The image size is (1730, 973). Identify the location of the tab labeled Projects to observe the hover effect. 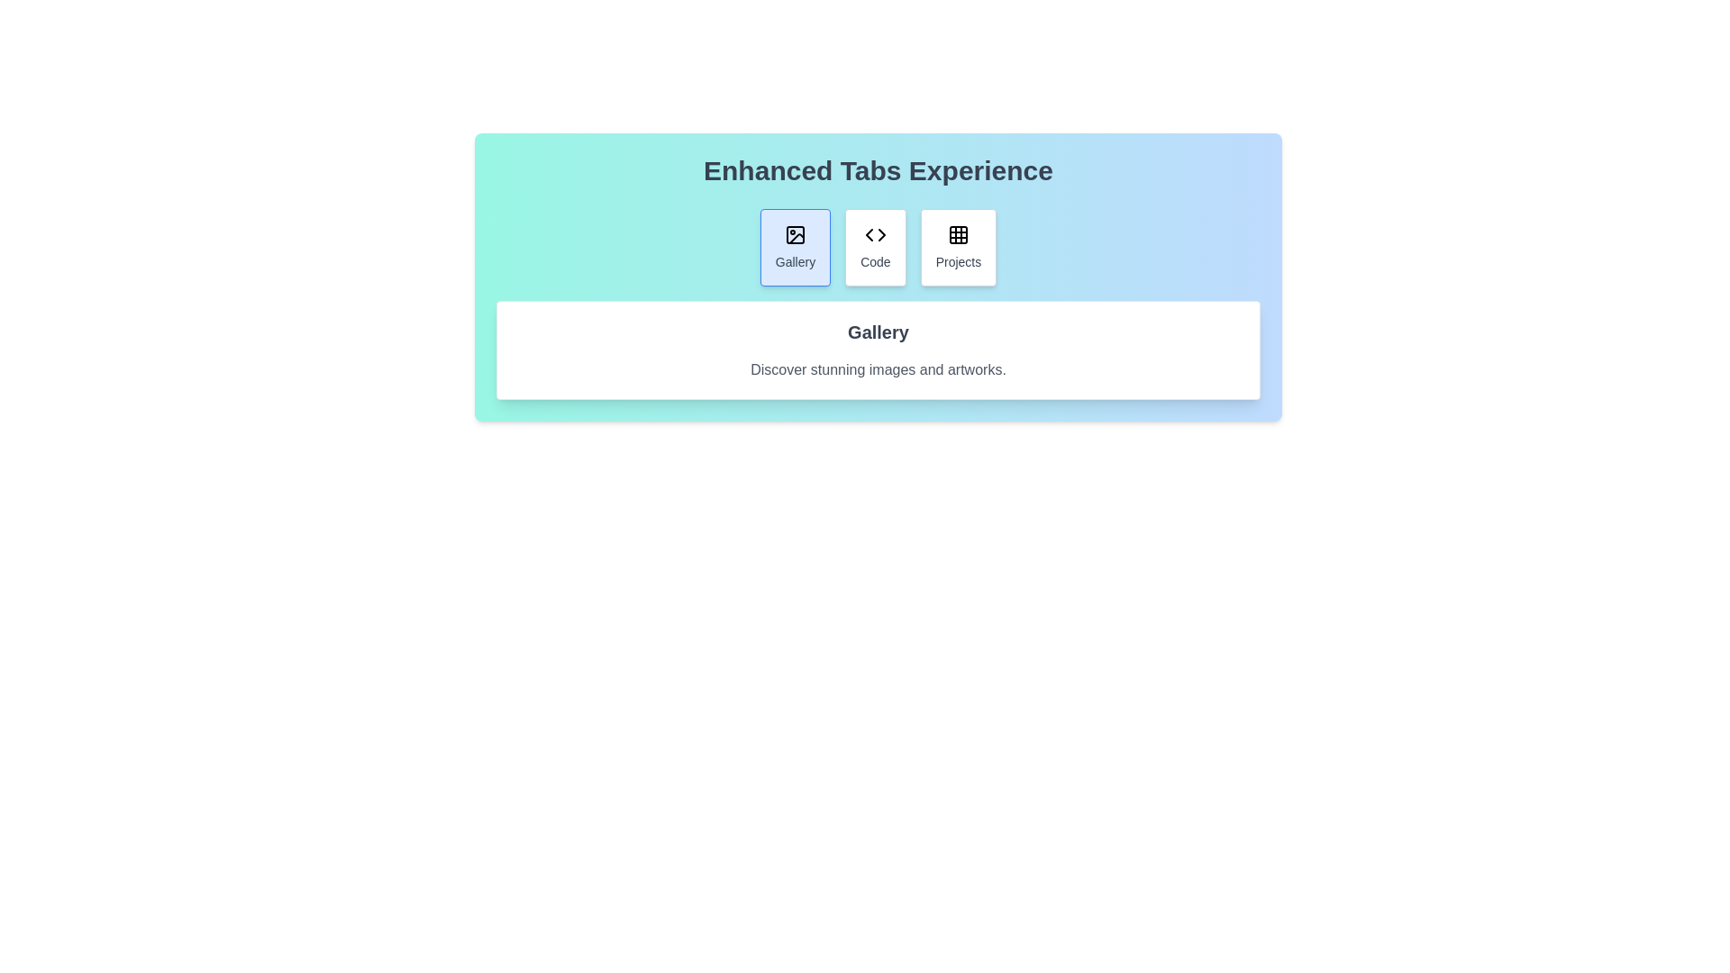
(957, 247).